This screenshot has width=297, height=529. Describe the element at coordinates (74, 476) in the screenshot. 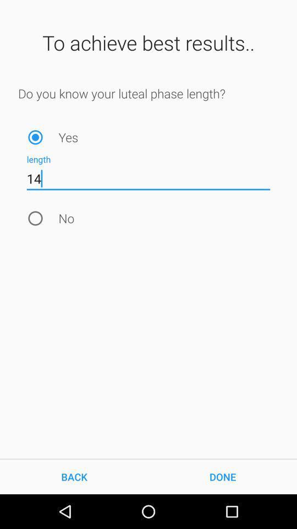

I see `the item to the left of done icon` at that location.